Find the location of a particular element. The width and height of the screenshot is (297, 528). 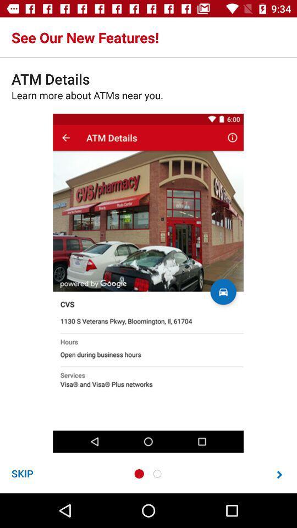

next is located at coordinates (279, 474).